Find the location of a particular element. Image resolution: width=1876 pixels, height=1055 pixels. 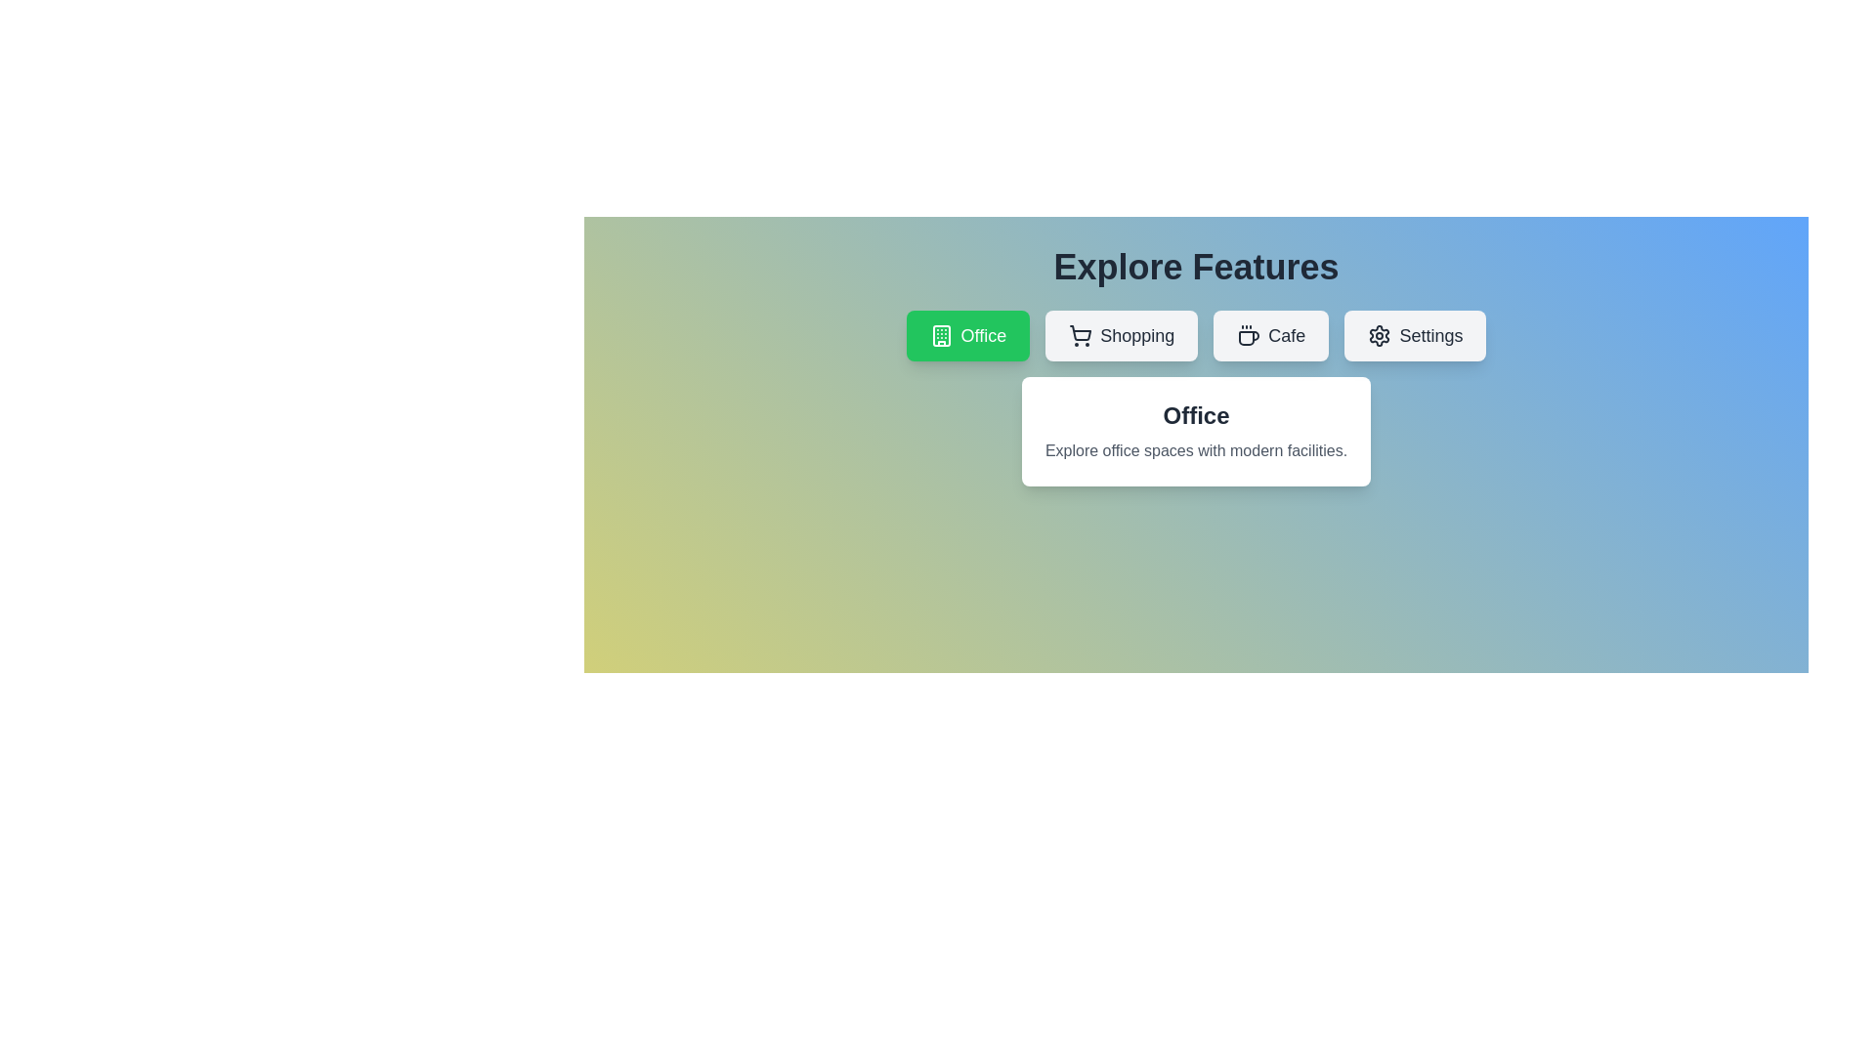

the tab labeled Shopping is located at coordinates (1122, 334).